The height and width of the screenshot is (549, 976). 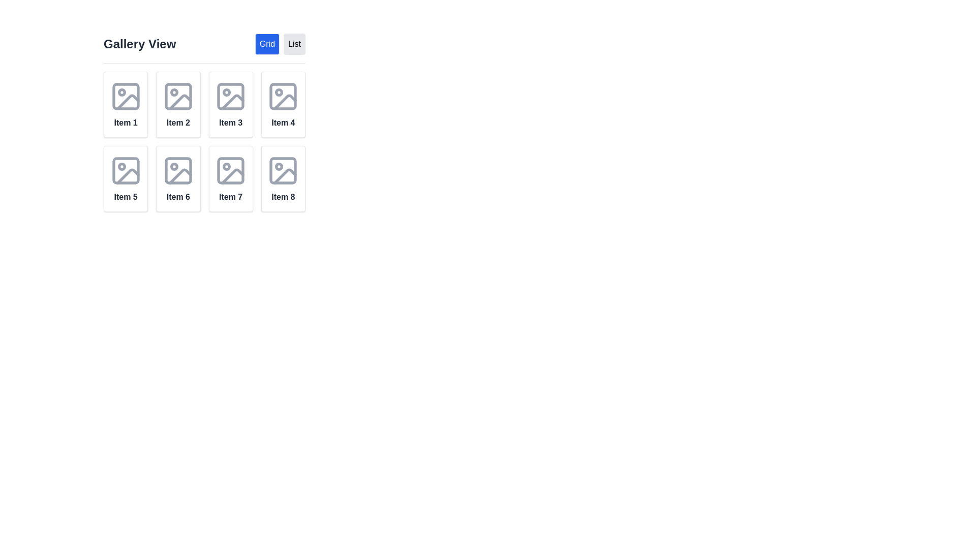 What do you see at coordinates (174, 92) in the screenshot?
I see `the decorative circle within the second grid item's icon in the gallery view, located in the first row and second column` at bounding box center [174, 92].